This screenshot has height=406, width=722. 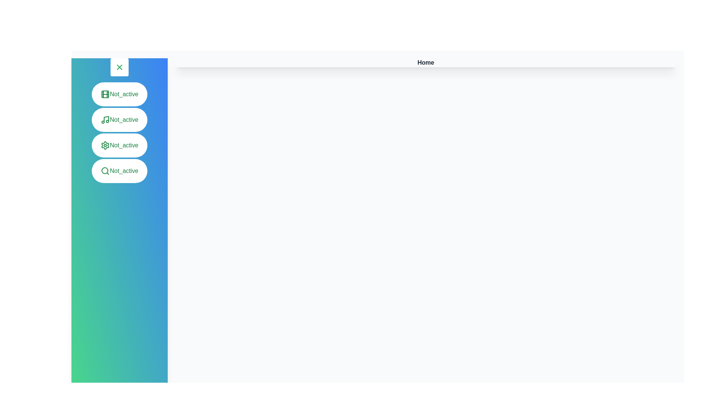 What do you see at coordinates (119, 145) in the screenshot?
I see `the menu item to activate the Settings panel` at bounding box center [119, 145].